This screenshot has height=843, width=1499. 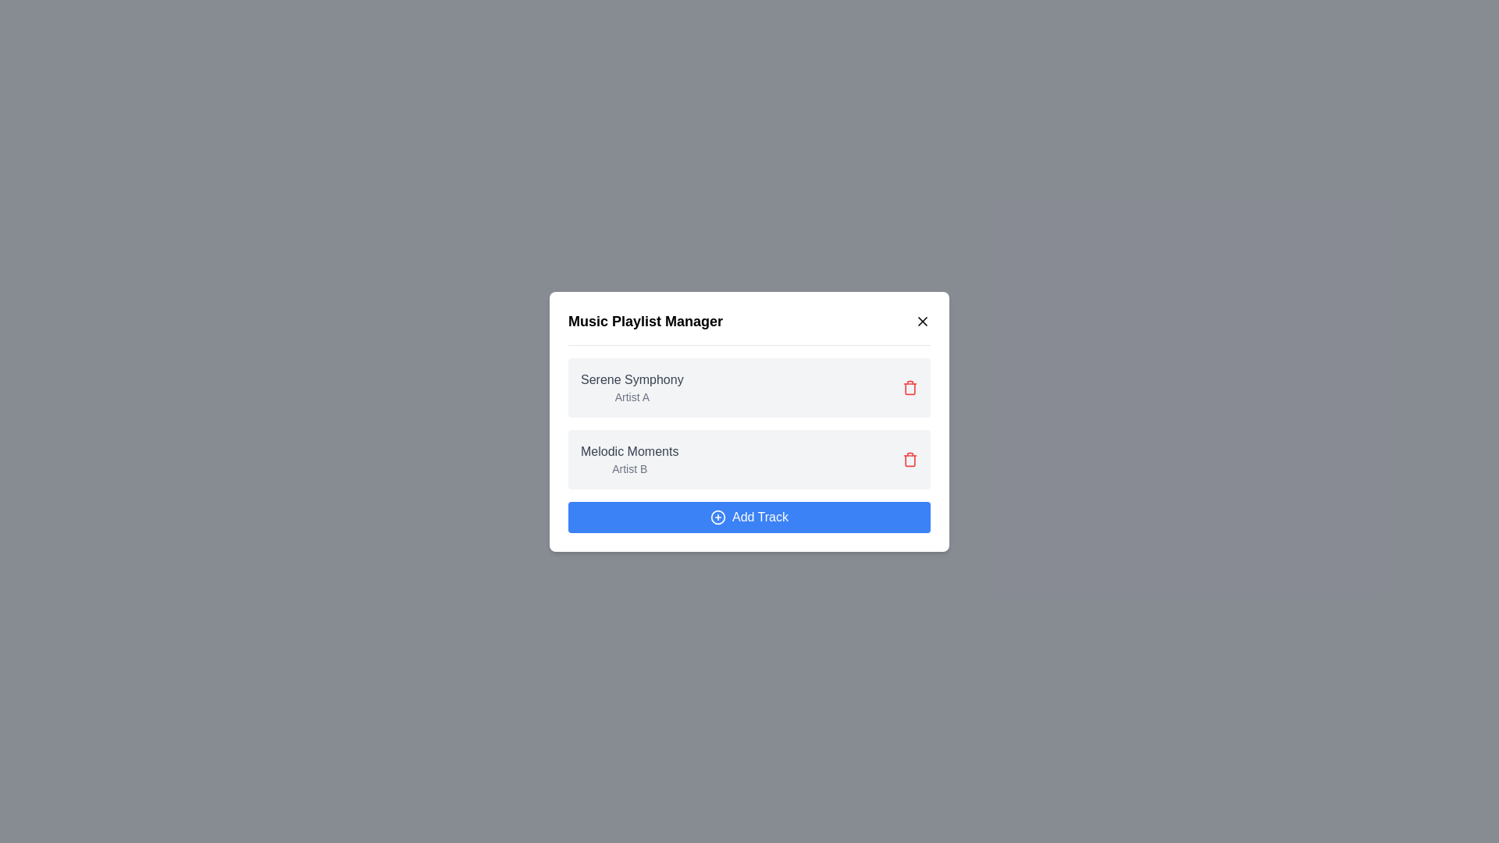 I want to click on the multi-line text label displaying the title 'Serene Symphony' and artist 'Artist A' within the 'Music Playlist Manager' panel, so click(x=632, y=386).